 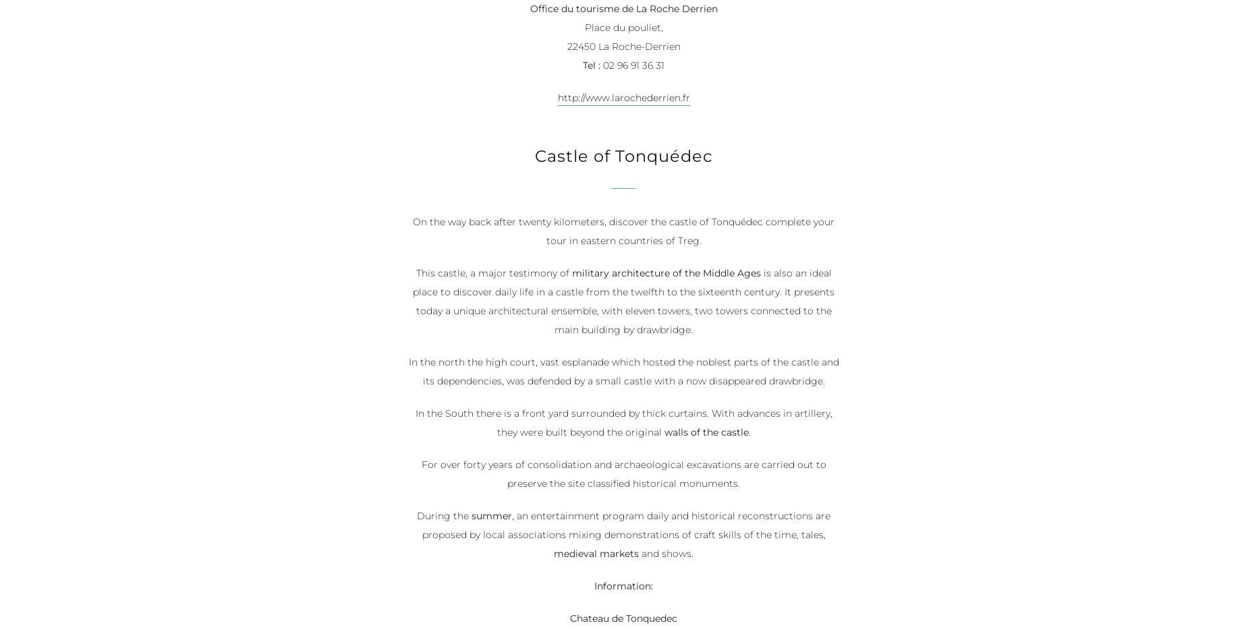 What do you see at coordinates (623, 302) in the screenshot?
I see `'is also an ideal place to discover daily life in a castle from the twelfth to the sixteenth century. It presents today a unique architectural ensemble, with eleven towers, two towers connected to the main building by drawbridge.'` at bounding box center [623, 302].